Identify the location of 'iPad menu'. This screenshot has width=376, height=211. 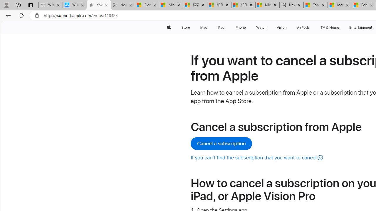
(225, 27).